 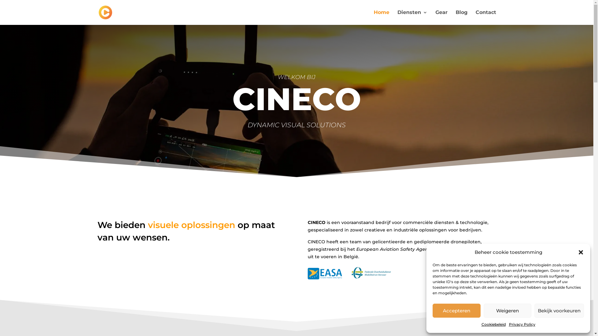 I want to click on 'Home', so click(x=381, y=17).